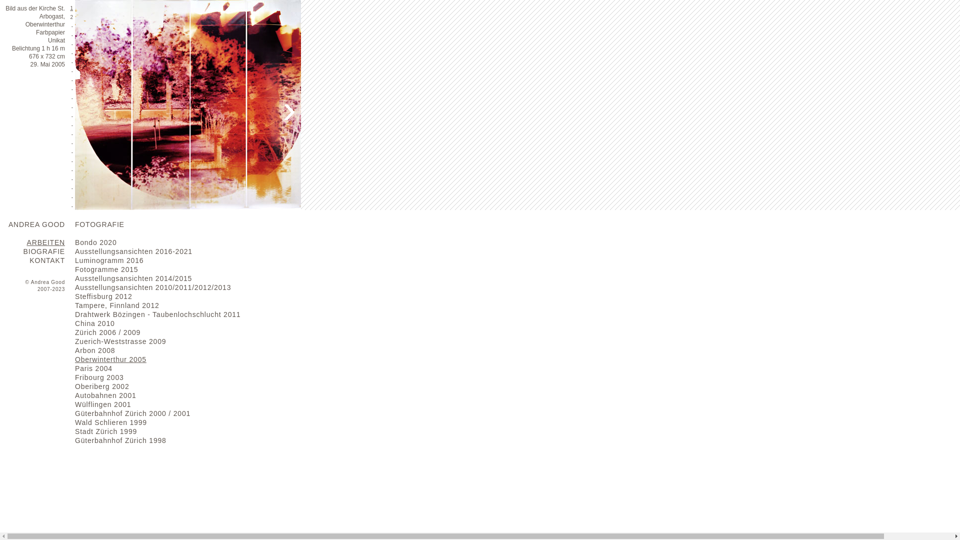  Describe the element at coordinates (152, 287) in the screenshot. I see `'Ausstellungsansichten 2010/2011/2012/2013'` at that location.